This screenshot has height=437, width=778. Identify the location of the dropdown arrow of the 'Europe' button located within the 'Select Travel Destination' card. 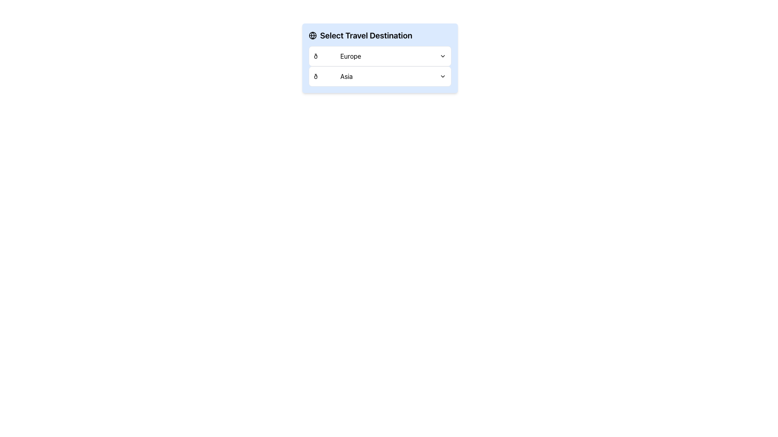
(379, 55).